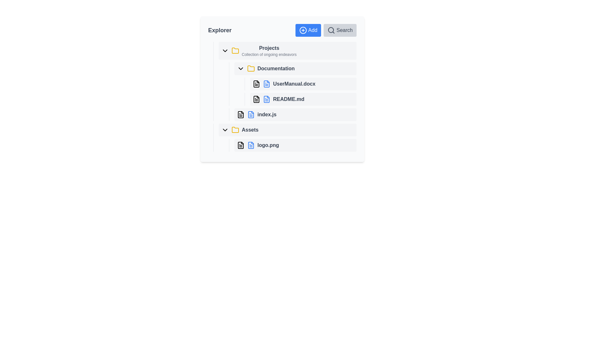 The width and height of the screenshot is (614, 345). I want to click on the file icon representing 'logo.png' in the file explorer, so click(251, 145).